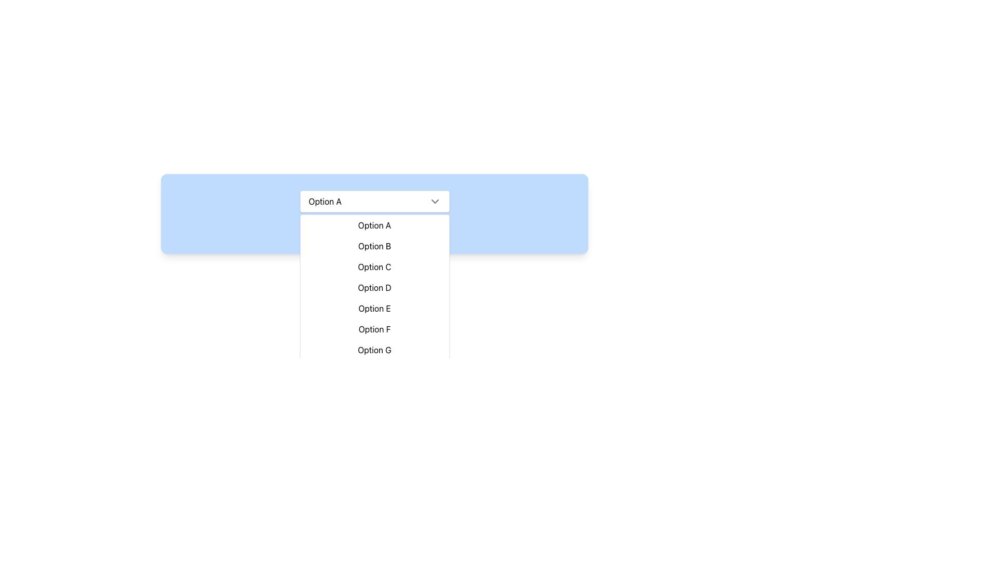  Describe the element at coordinates (374, 266) in the screenshot. I see `the third option labeled 'Option C' in the dropdown menu` at that location.